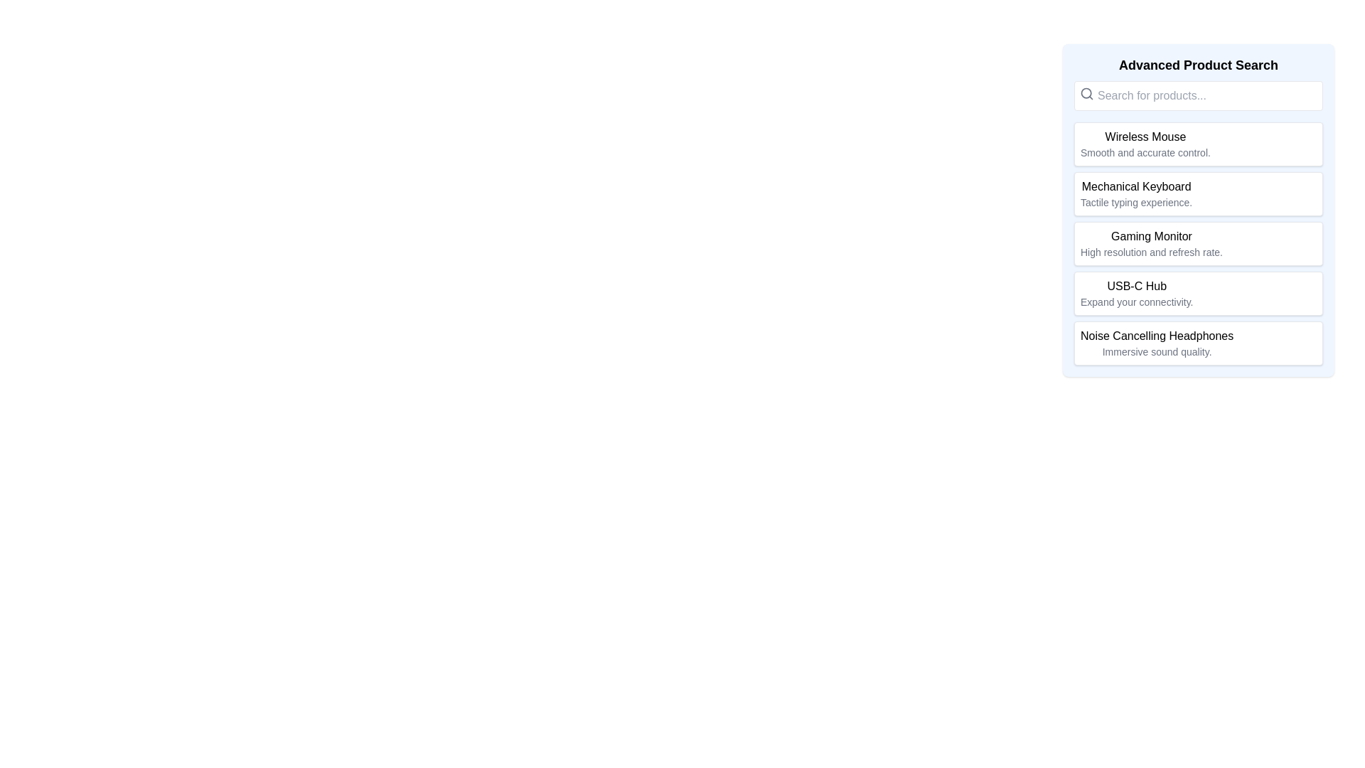  I want to click on the title text element for the product entry 'Wireless Mouse', which is located in the sidebar labeled 'Advanced Product Search' and positioned above the text 'Smooth and accurate control.', so click(1145, 137).